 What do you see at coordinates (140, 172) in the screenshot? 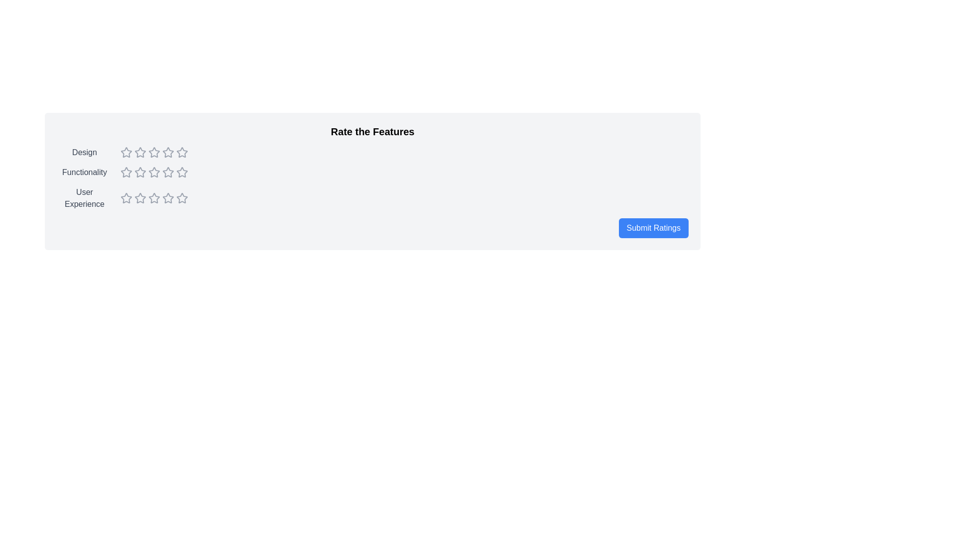
I see `the second star-shaped Rating icon in the five-star rating system under the 'Functionality' category` at bounding box center [140, 172].